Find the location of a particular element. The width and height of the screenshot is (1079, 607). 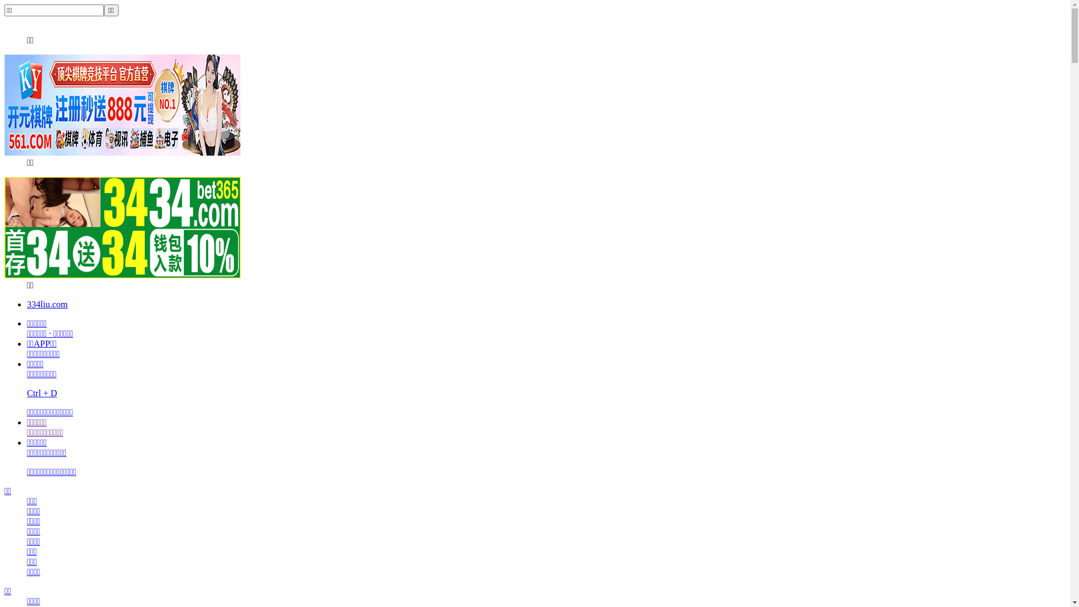

'334liu.com' is located at coordinates (27, 304).